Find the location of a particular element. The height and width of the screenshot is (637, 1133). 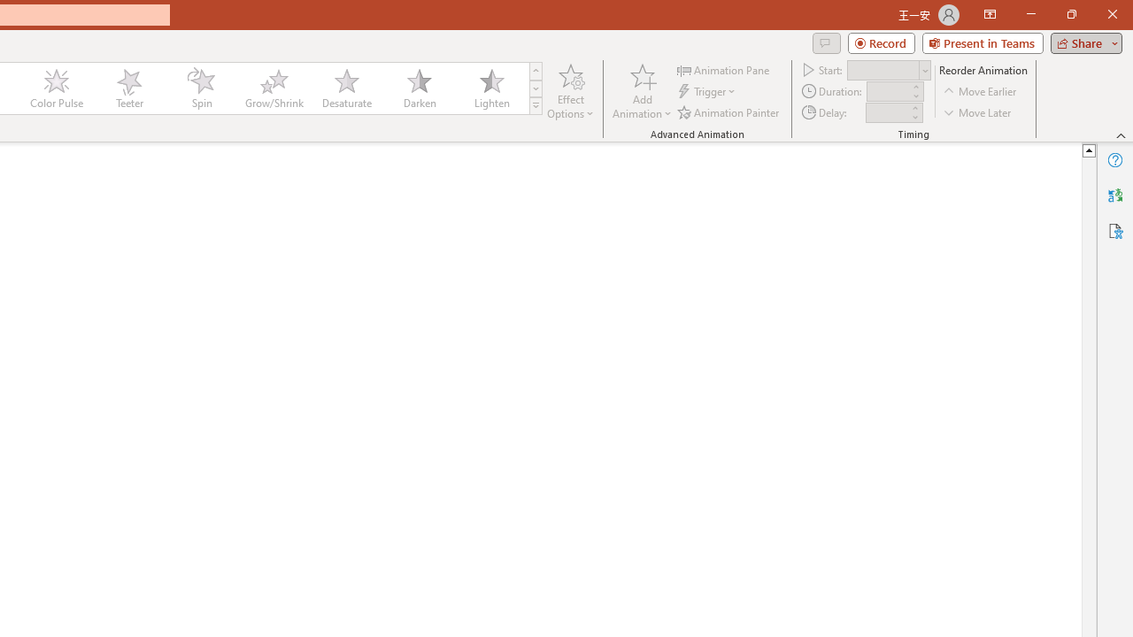

'Animation Pane' is located at coordinates (724, 69).